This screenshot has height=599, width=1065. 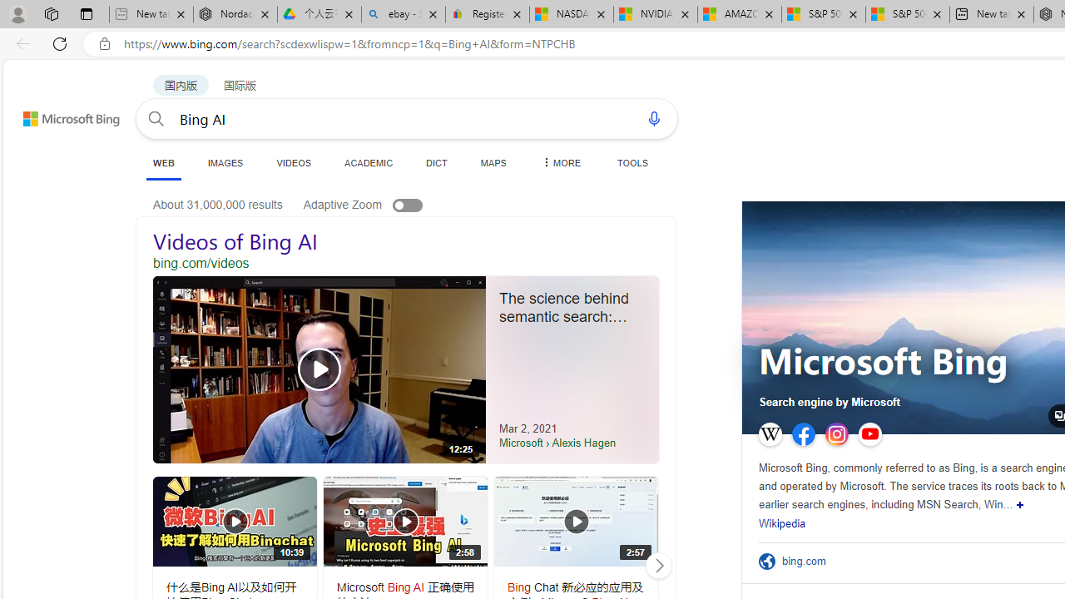 What do you see at coordinates (906, 14) in the screenshot?
I see `'S&P 500, Nasdaq end lower, weighed by Nvidia dip | Watch'` at bounding box center [906, 14].